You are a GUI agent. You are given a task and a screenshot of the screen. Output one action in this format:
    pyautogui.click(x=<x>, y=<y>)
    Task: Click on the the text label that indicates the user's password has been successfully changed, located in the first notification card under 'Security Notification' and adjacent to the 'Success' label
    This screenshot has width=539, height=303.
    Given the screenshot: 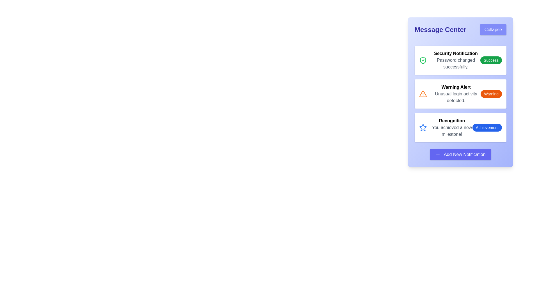 What is the action you would take?
    pyautogui.click(x=456, y=63)
    